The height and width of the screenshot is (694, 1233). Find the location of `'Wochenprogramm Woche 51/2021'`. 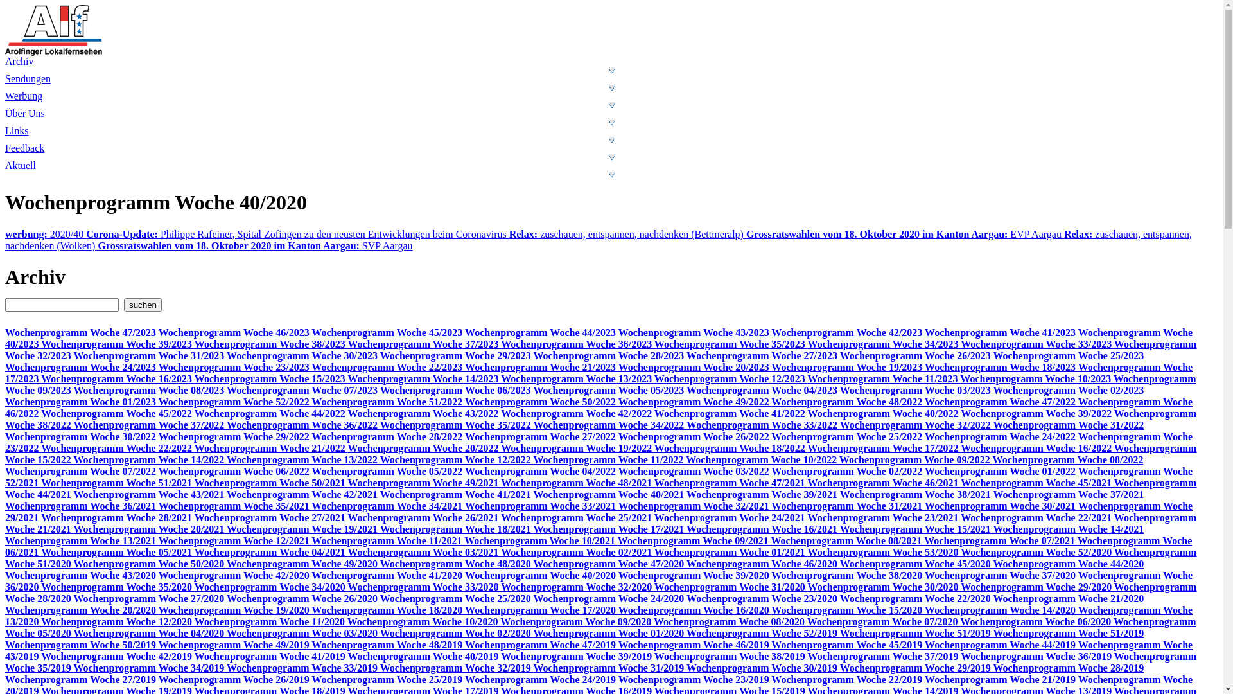

'Wochenprogramm Woche 51/2021' is located at coordinates (118, 483).